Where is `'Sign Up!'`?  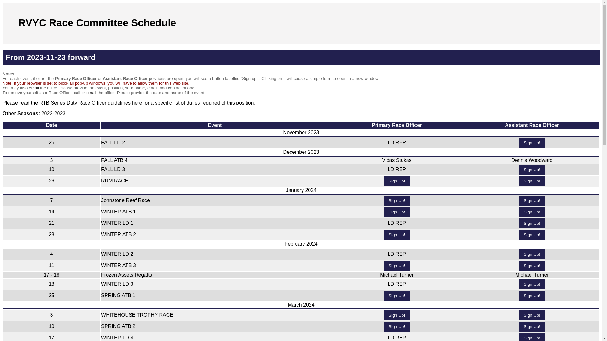
'Sign Up!' is located at coordinates (532, 326).